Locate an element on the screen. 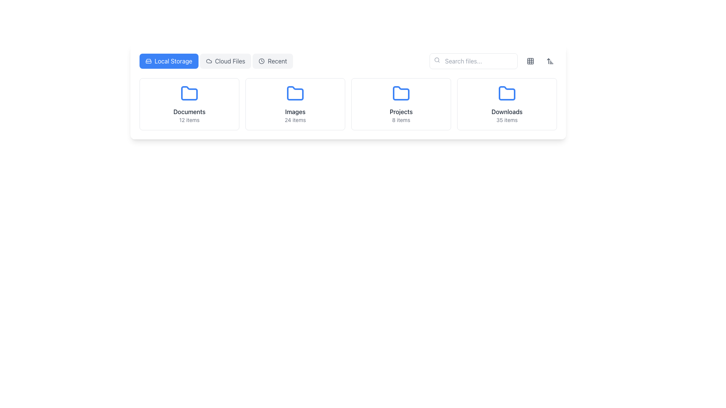 The height and width of the screenshot is (408, 726). the third button in a row of tab-like buttons, which is located near the top center of the interface is located at coordinates (272, 61).